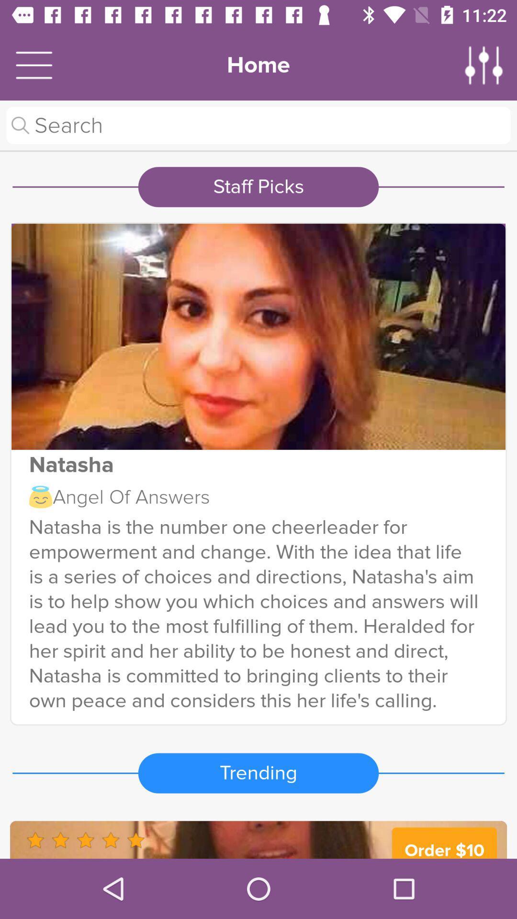 The height and width of the screenshot is (919, 517). I want to click on order, so click(258, 839).